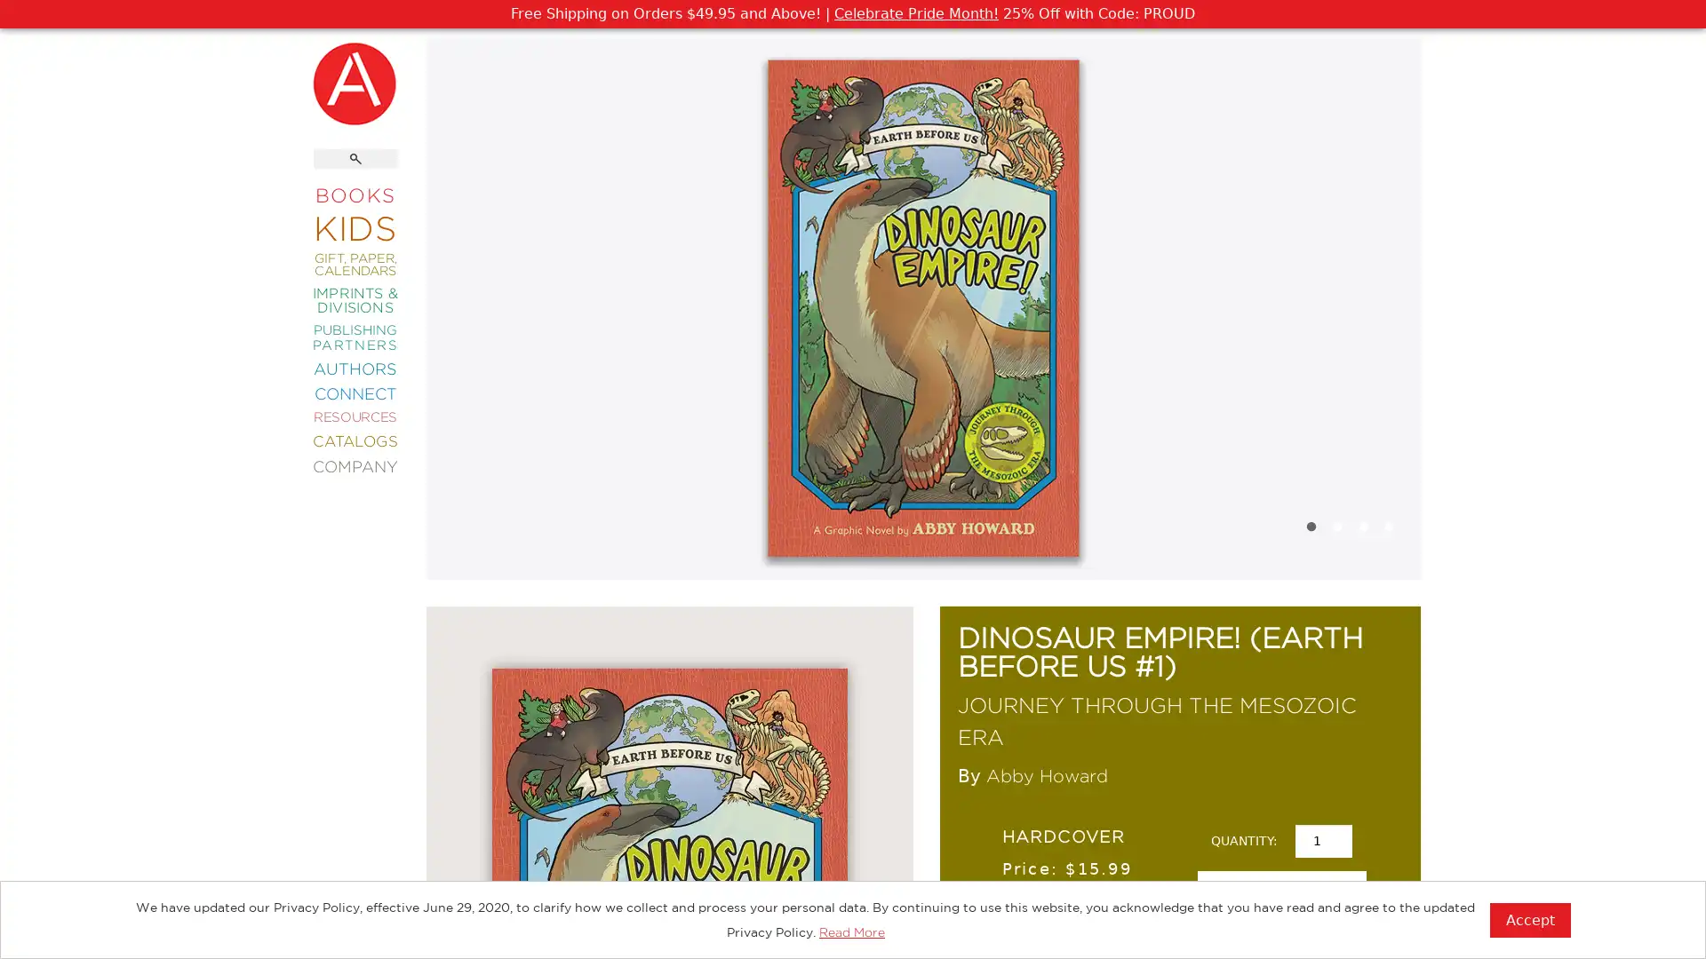 The height and width of the screenshot is (959, 1706). I want to click on RESOURCES, so click(355, 416).